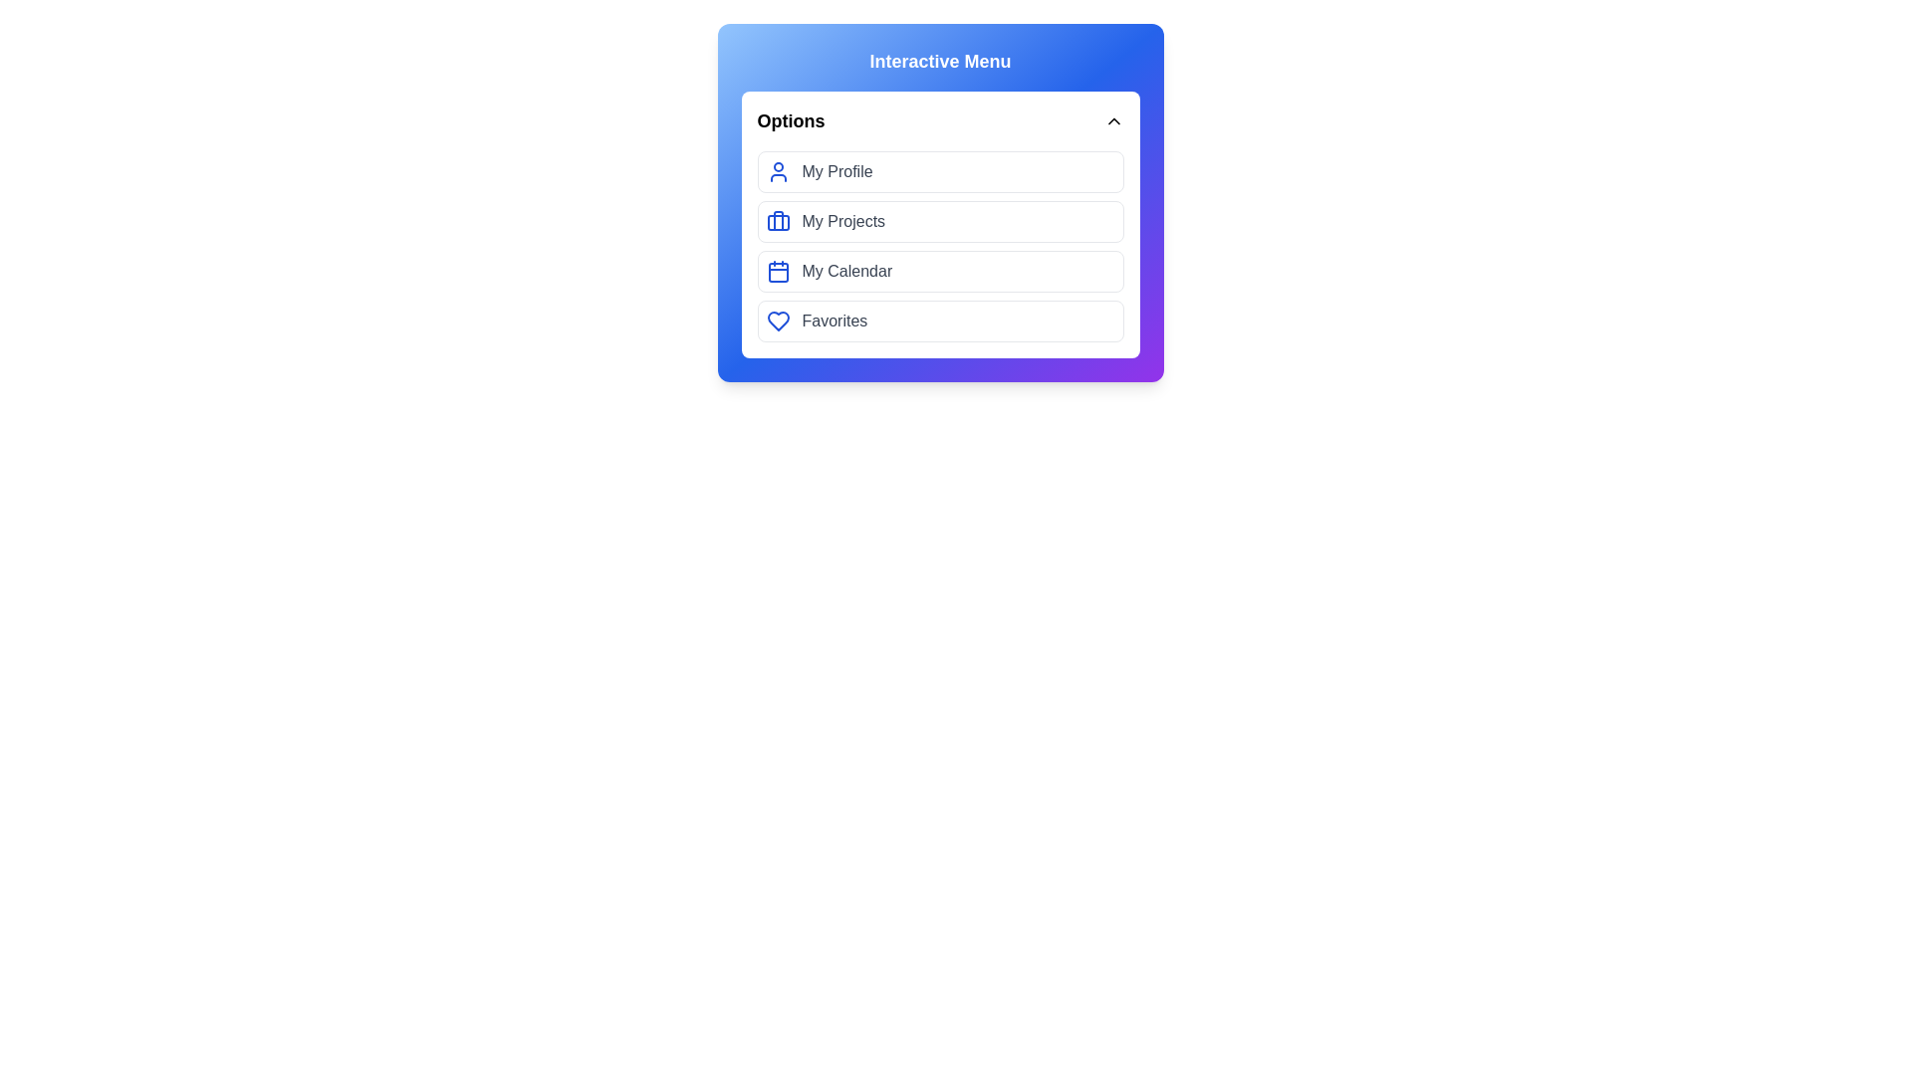  What do you see at coordinates (939, 60) in the screenshot?
I see `the 'Interactive Menu' text label` at bounding box center [939, 60].